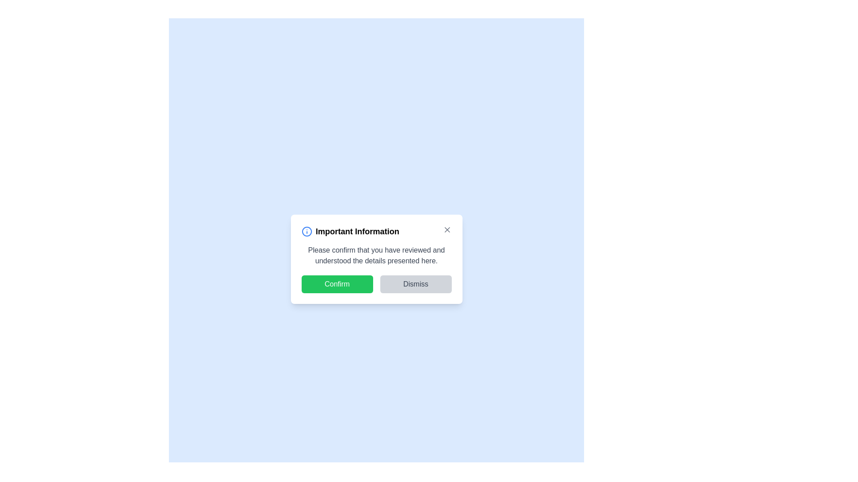  I want to click on the Informational Text element that displays the message 'Please confirm that you have reviewed and understood the details presented here.' located within the modal below the title 'Important Information', so click(376, 256).